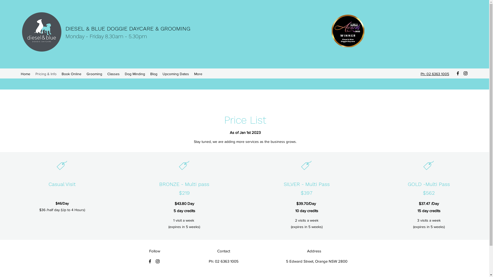 This screenshot has height=277, width=493. Describe the element at coordinates (434, 74) in the screenshot. I see `'Ph: 02 6363 1005'` at that location.